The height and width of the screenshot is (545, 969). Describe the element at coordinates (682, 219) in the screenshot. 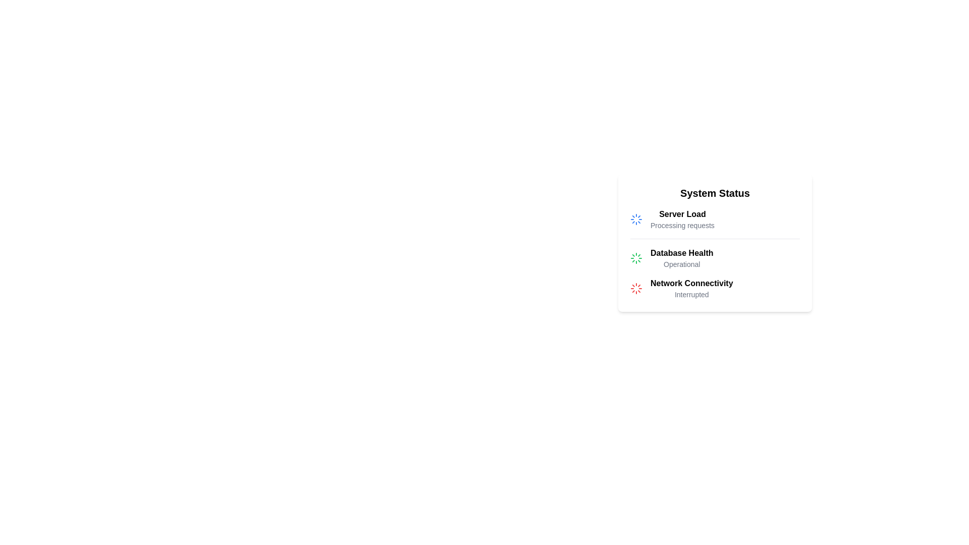

I see `status update displayed in the Text display element located under the 'System Status' heading, which is the first item in the list, positioned above 'Database Health' and 'Network Connectivity'` at that location.